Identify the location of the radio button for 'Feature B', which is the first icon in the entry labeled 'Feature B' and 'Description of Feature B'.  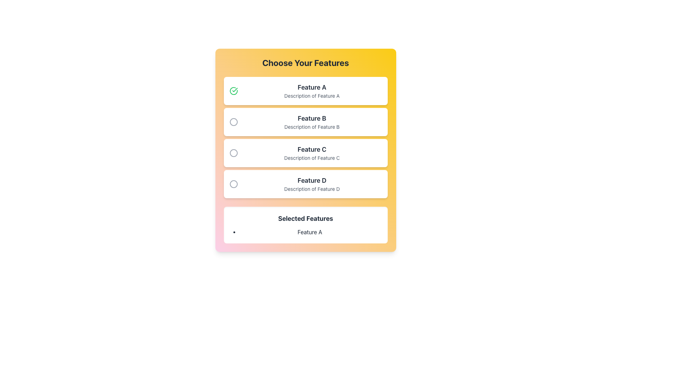
(233, 122).